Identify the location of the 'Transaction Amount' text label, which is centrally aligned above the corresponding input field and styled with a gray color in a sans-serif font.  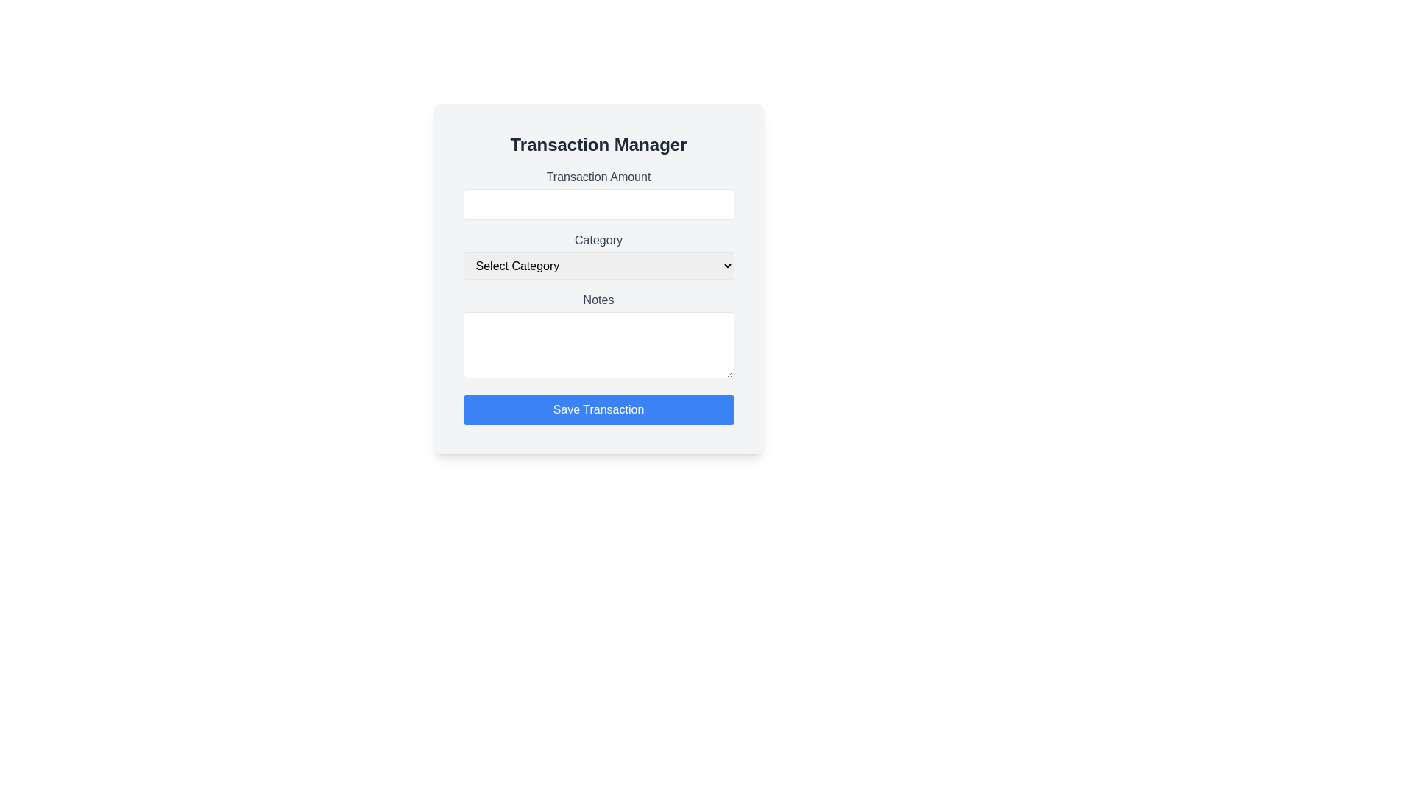
(598, 176).